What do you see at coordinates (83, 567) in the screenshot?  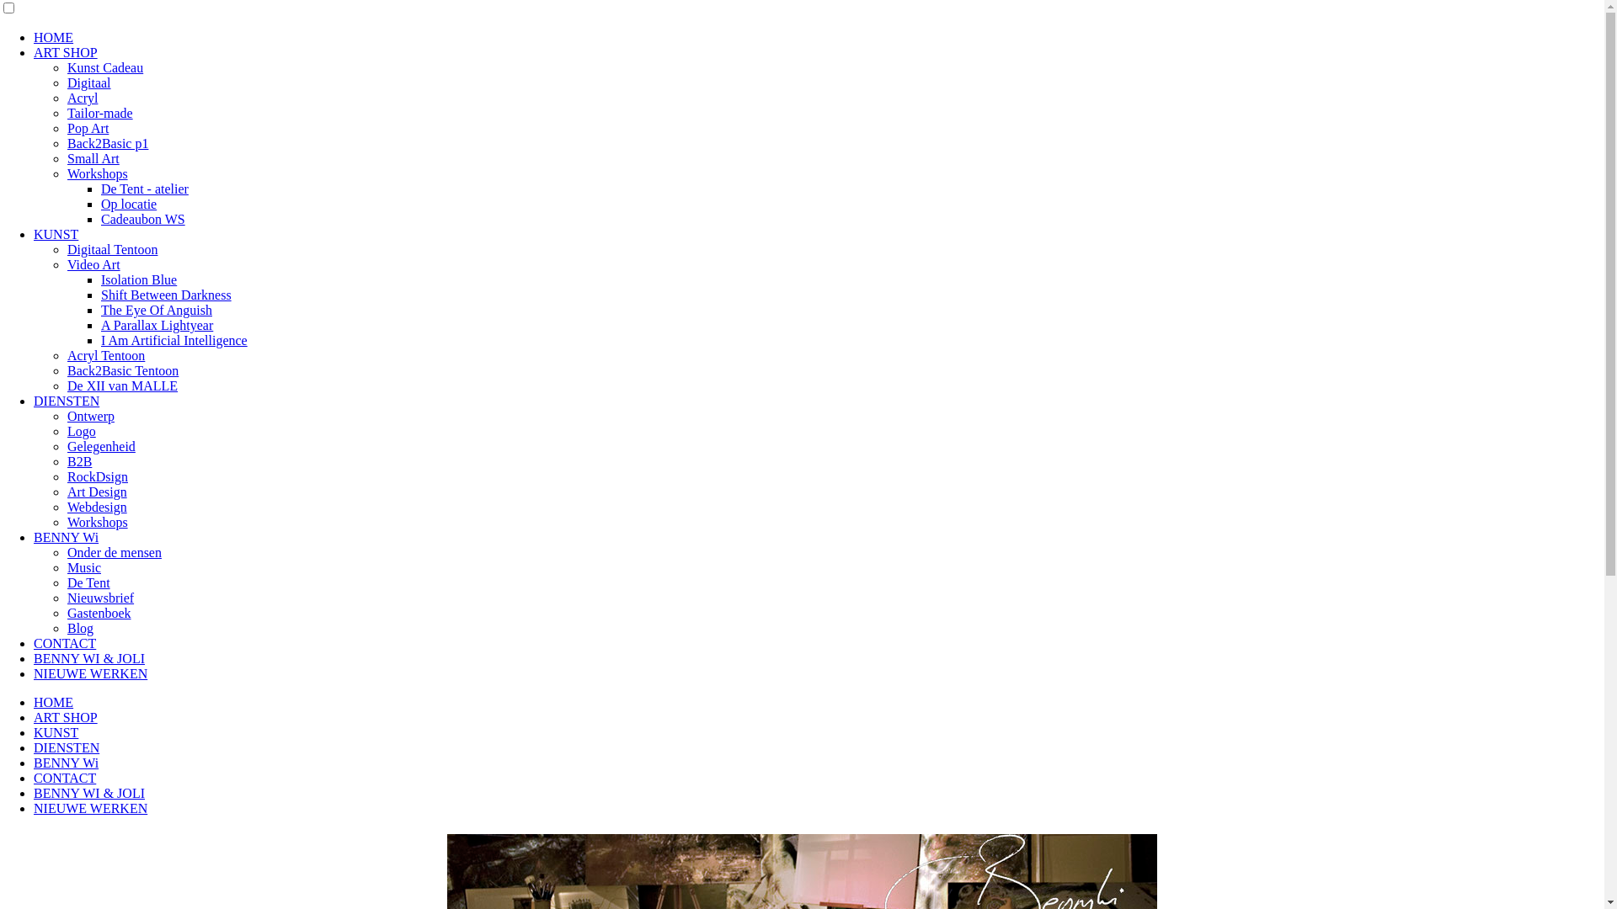 I see `'Music'` at bounding box center [83, 567].